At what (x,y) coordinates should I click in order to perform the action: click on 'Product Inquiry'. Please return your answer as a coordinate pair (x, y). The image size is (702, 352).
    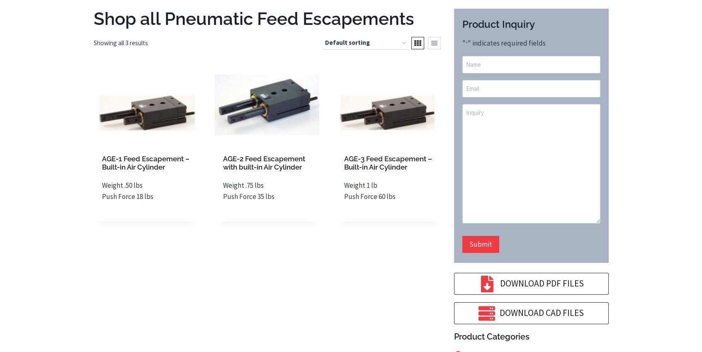
    Looking at the image, I should click on (498, 24).